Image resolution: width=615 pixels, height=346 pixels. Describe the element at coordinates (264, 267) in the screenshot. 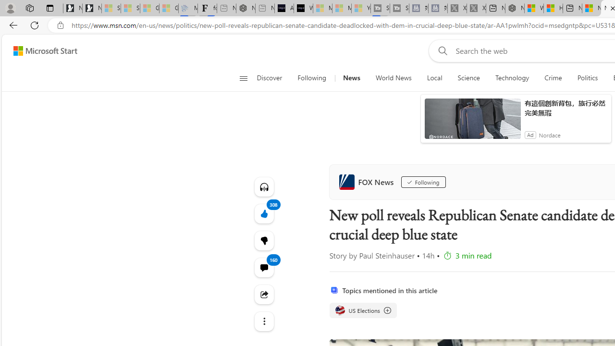

I see `'View comments 160 Comment'` at that location.